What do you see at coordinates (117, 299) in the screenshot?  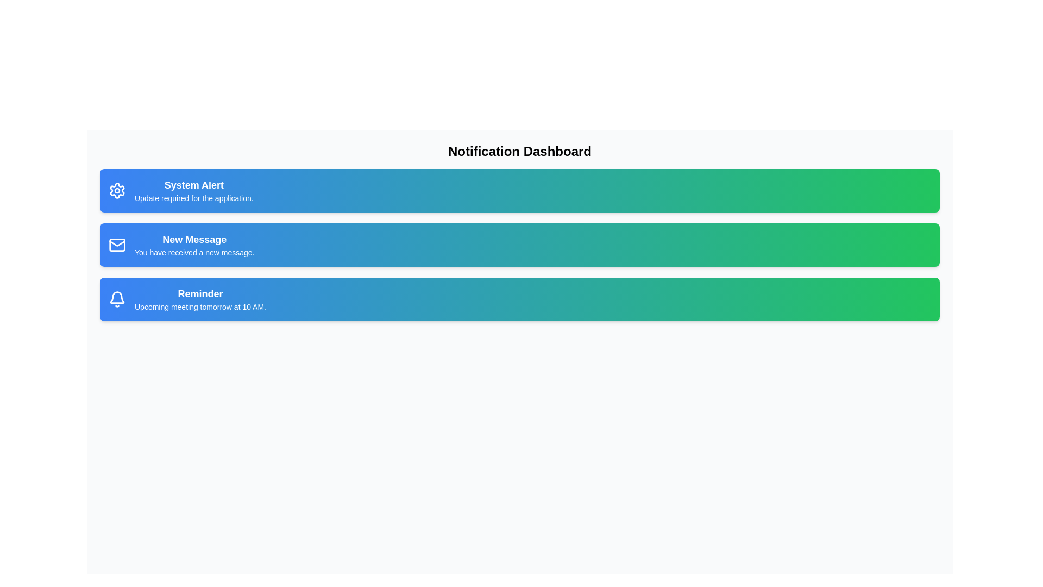 I see `the icon within the notification card titled 'Reminder'` at bounding box center [117, 299].